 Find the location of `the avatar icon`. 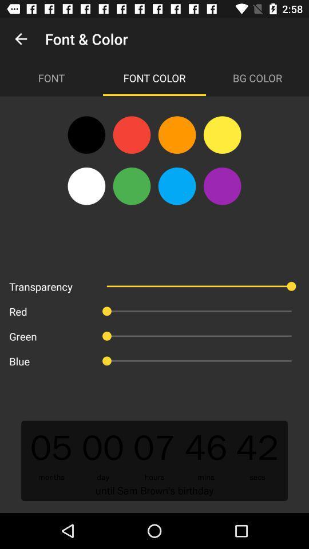

the avatar icon is located at coordinates (177, 186).